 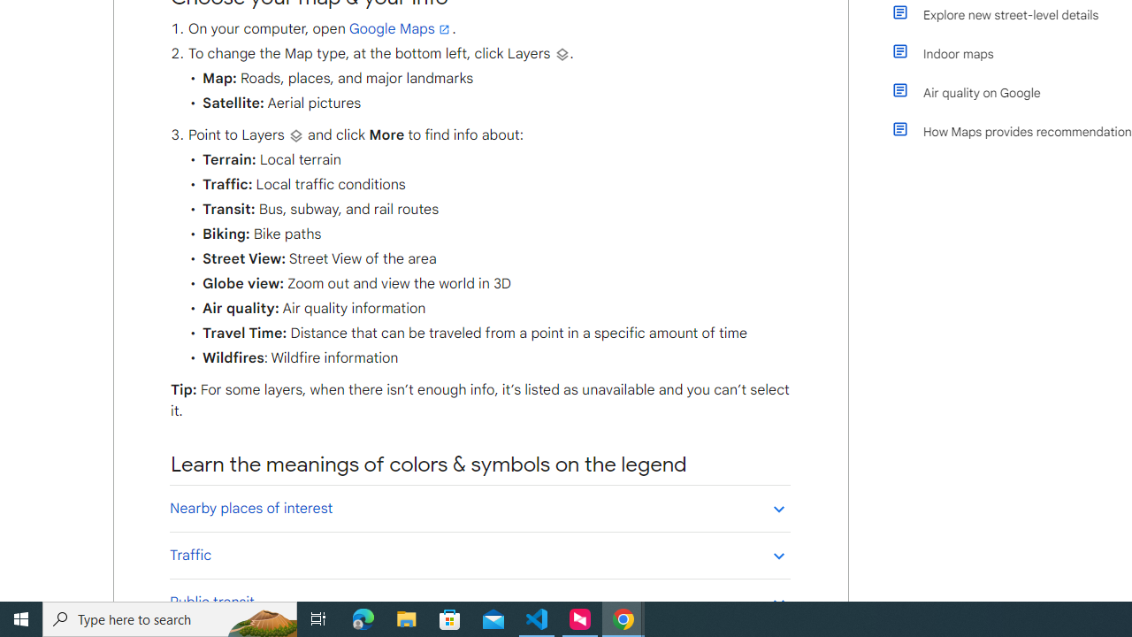 I want to click on 'Nearby places of interest', so click(x=479, y=508).